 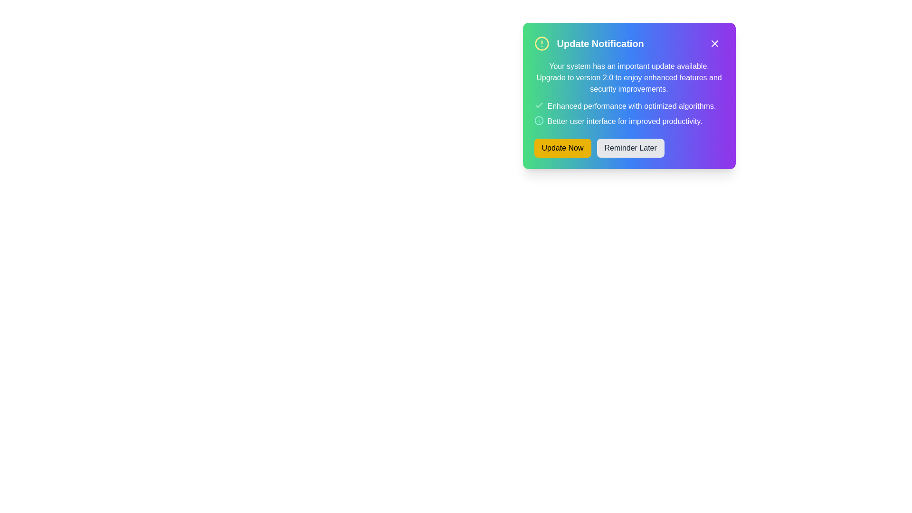 I want to click on text from the 'Update Notification' label, which is a bold, large white font text on a gradient background, so click(x=600, y=44).